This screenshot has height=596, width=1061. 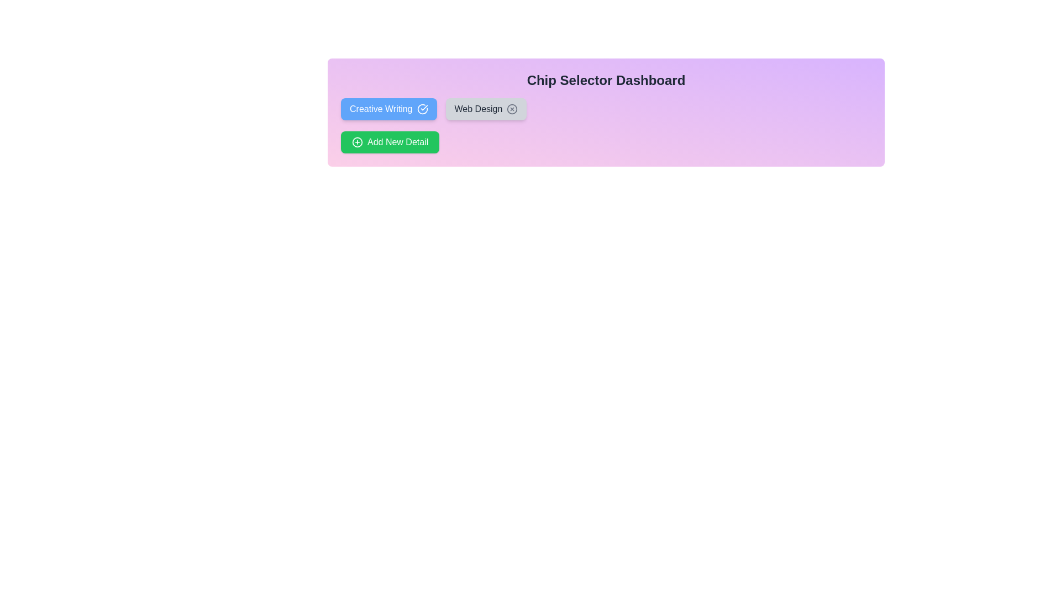 What do you see at coordinates (388, 109) in the screenshot?
I see `the chip labeled Creative Writing` at bounding box center [388, 109].